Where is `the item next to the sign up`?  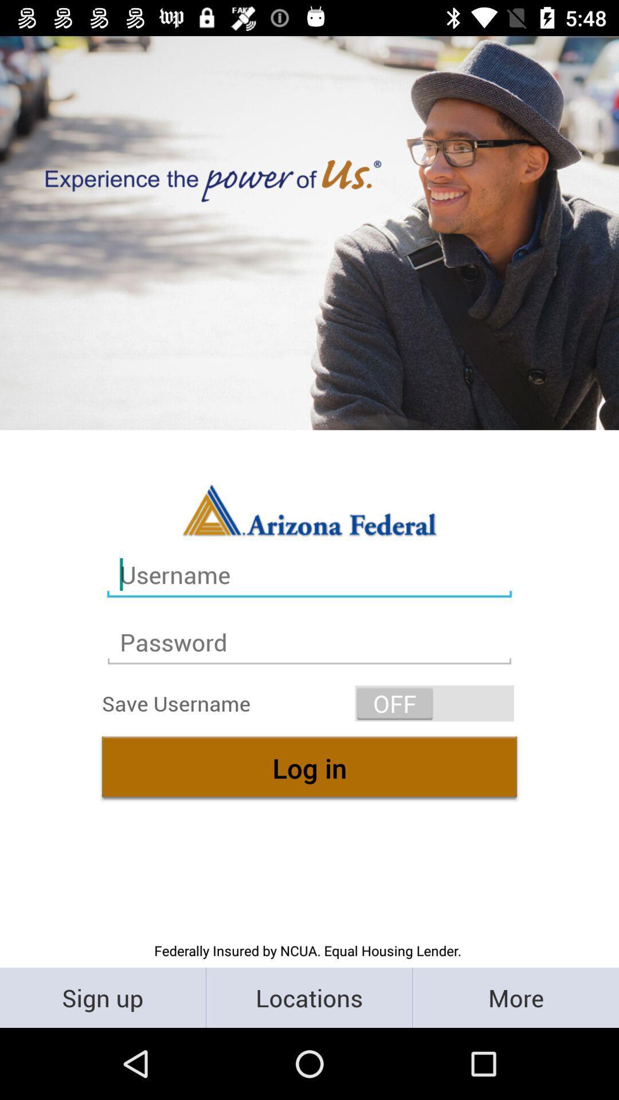 the item next to the sign up is located at coordinates (308, 997).